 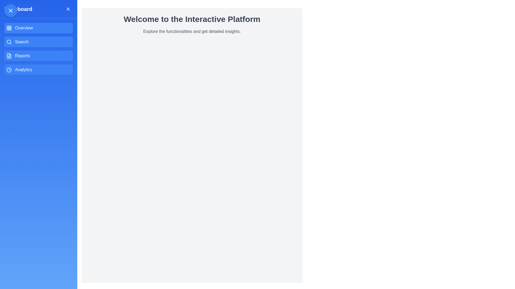 What do you see at coordinates (68, 9) in the screenshot?
I see `the close button located at the top right of the drawer header` at bounding box center [68, 9].